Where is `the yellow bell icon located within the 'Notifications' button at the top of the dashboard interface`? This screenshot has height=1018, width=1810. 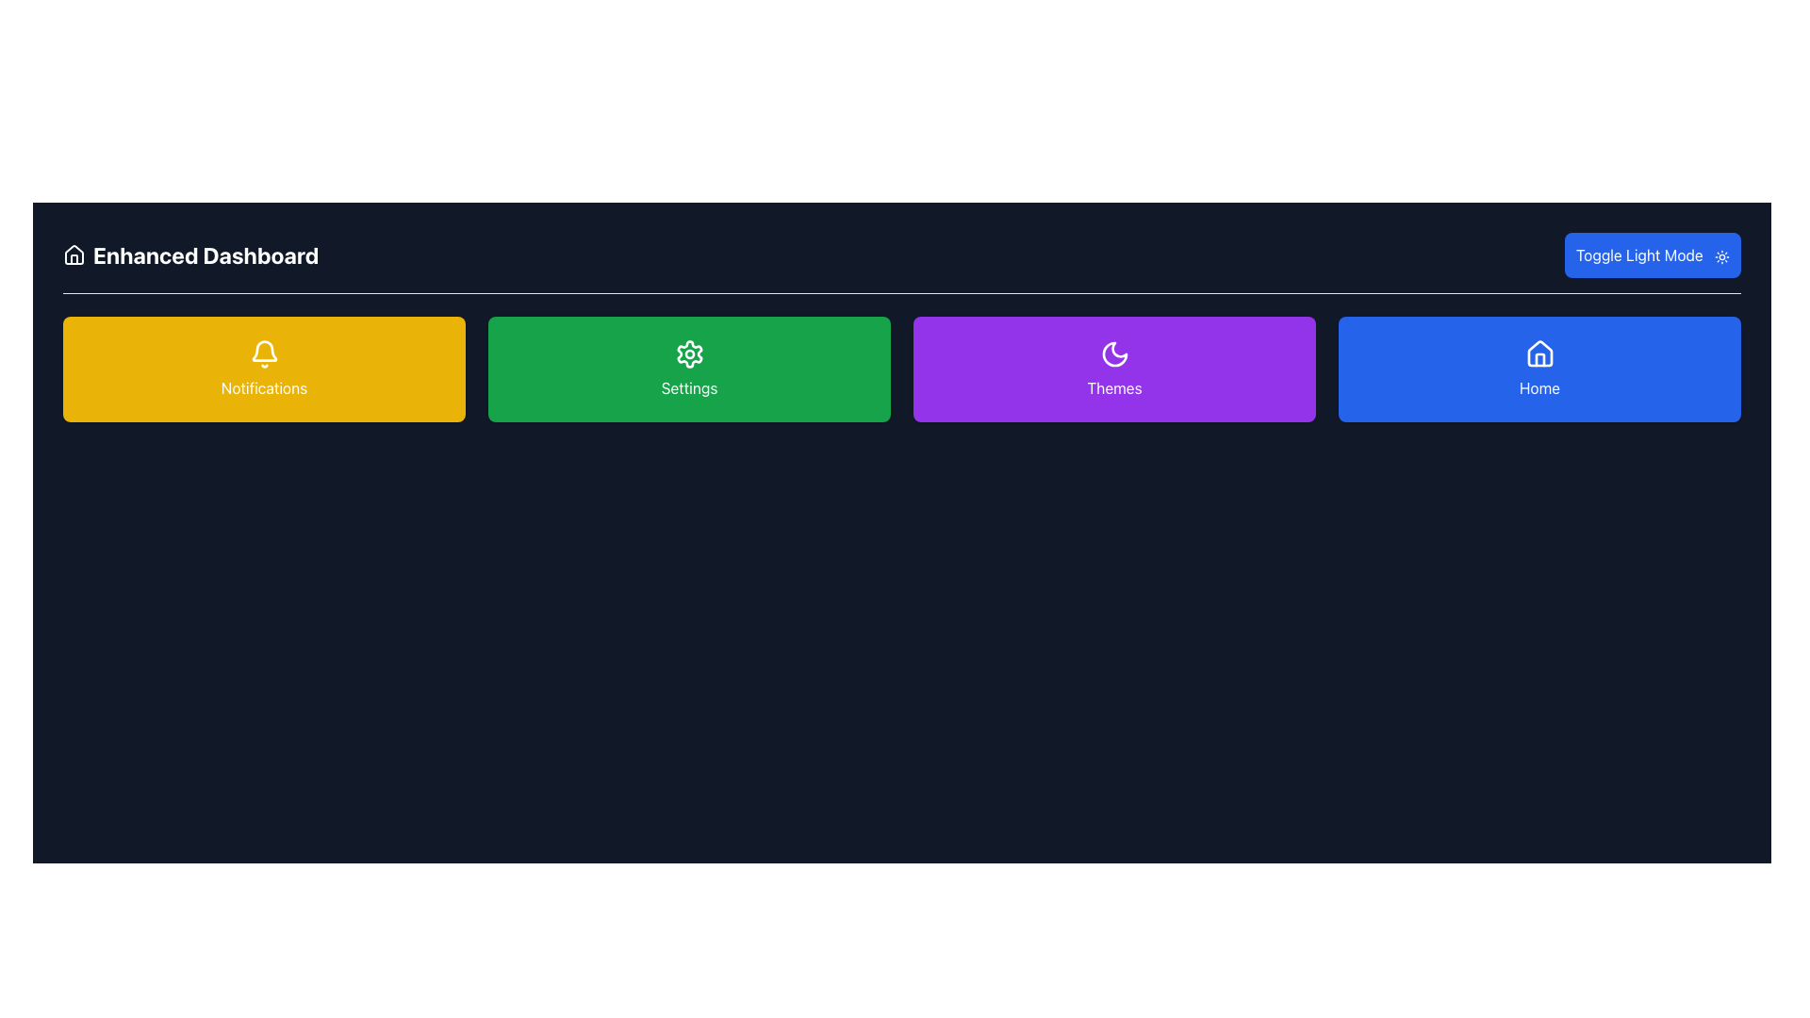
the yellow bell icon located within the 'Notifications' button at the top of the dashboard interface is located at coordinates (263, 351).